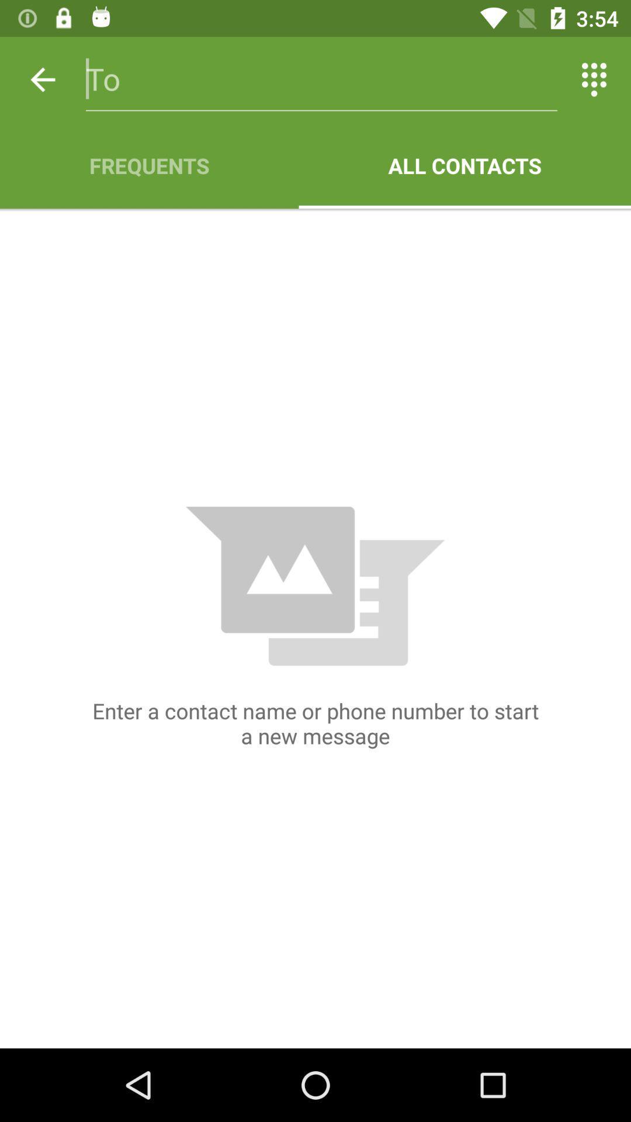 This screenshot has height=1122, width=631. Describe the element at coordinates (148, 165) in the screenshot. I see `frequents item` at that location.